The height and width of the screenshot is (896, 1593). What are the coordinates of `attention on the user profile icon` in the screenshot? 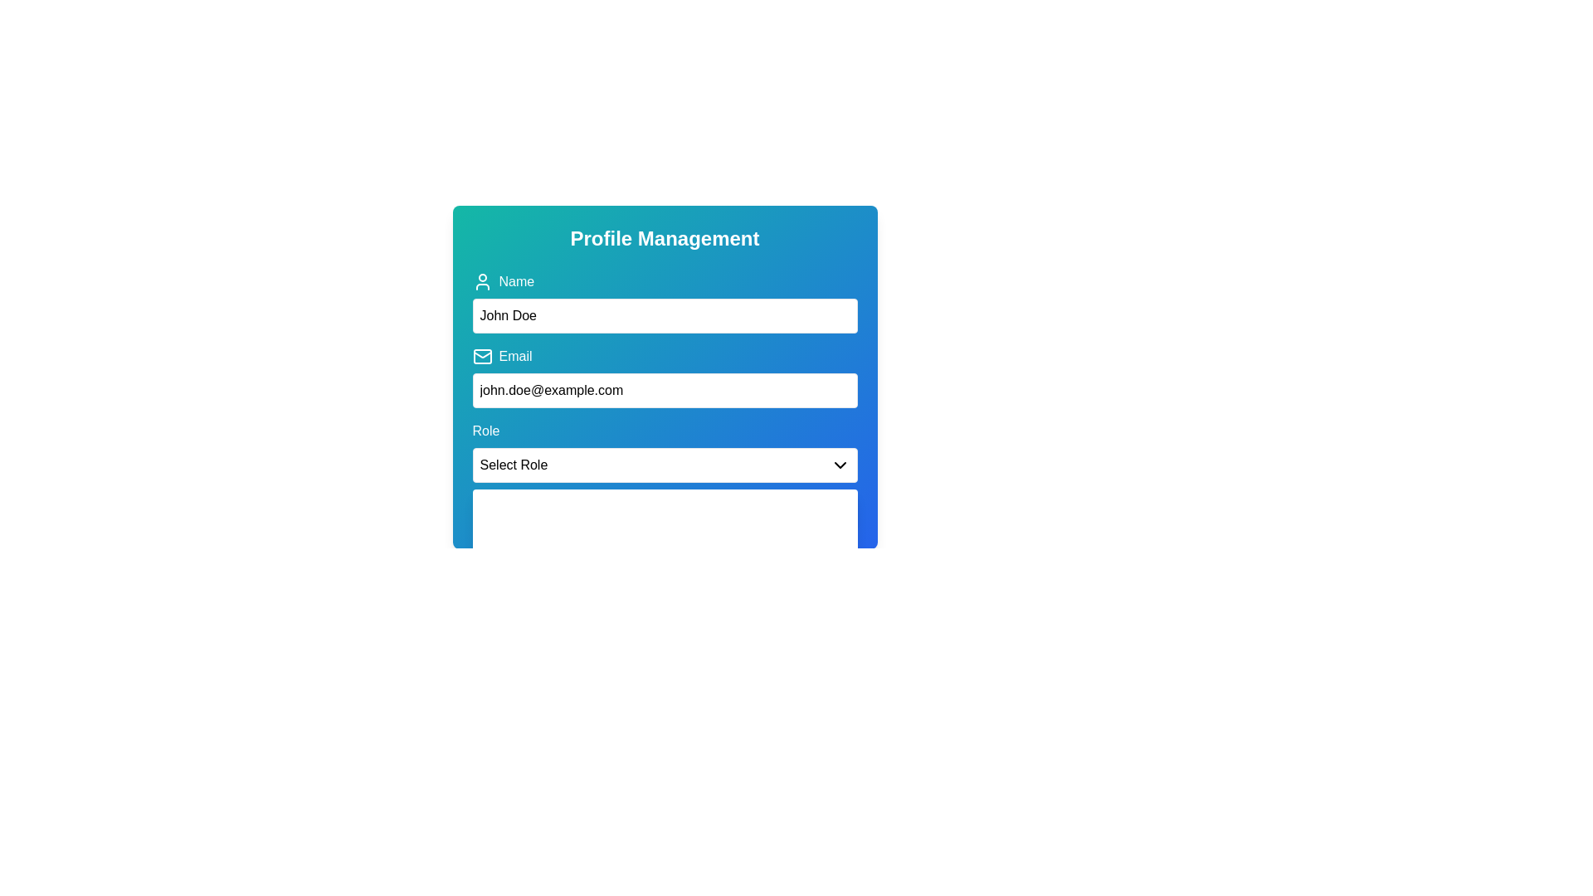 It's located at (481, 280).